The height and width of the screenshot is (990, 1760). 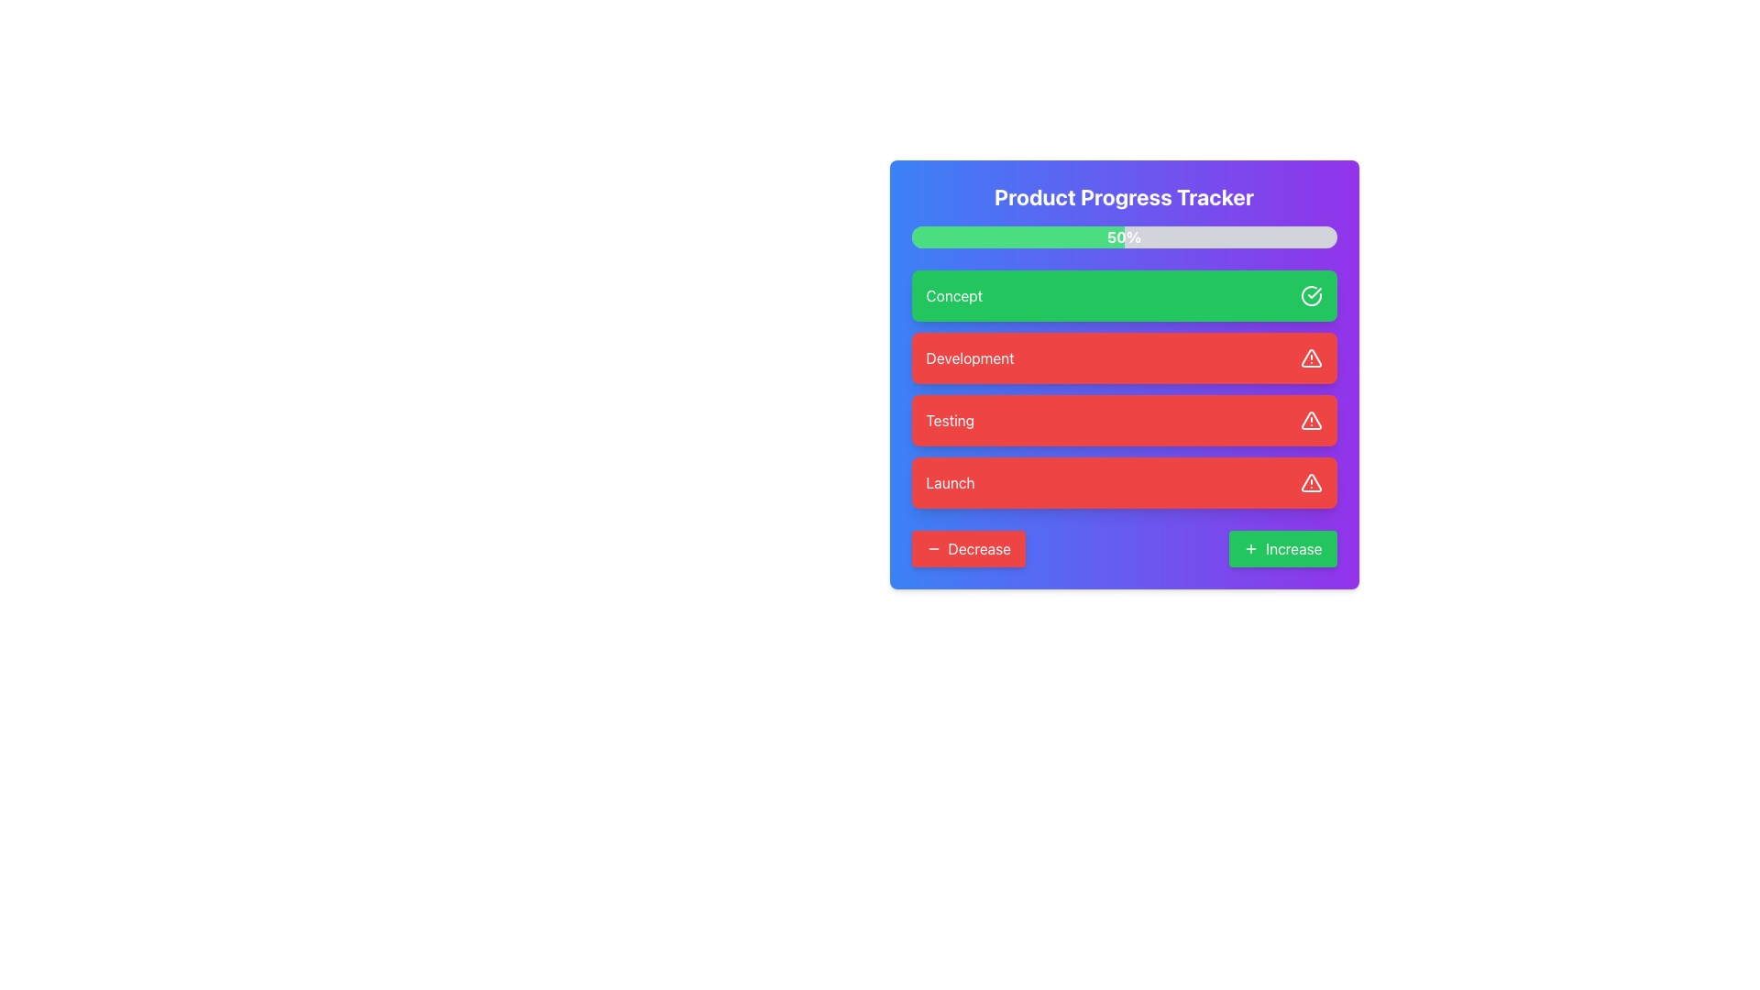 I want to click on the checkmark icon indicating completion in the 'Concept' stage of the progress tracker, so click(x=1314, y=292).